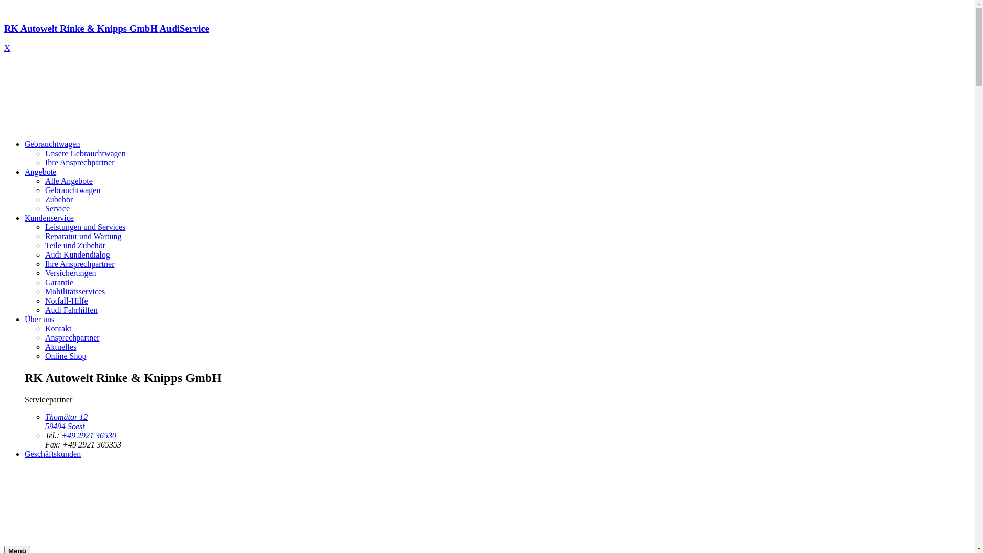 This screenshot has width=983, height=553. I want to click on 'Reparatur und Wartung', so click(44, 236).